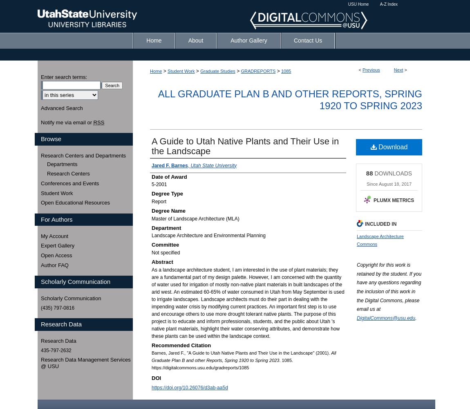  Describe the element at coordinates (286, 71) in the screenshot. I see `'1085'` at that location.